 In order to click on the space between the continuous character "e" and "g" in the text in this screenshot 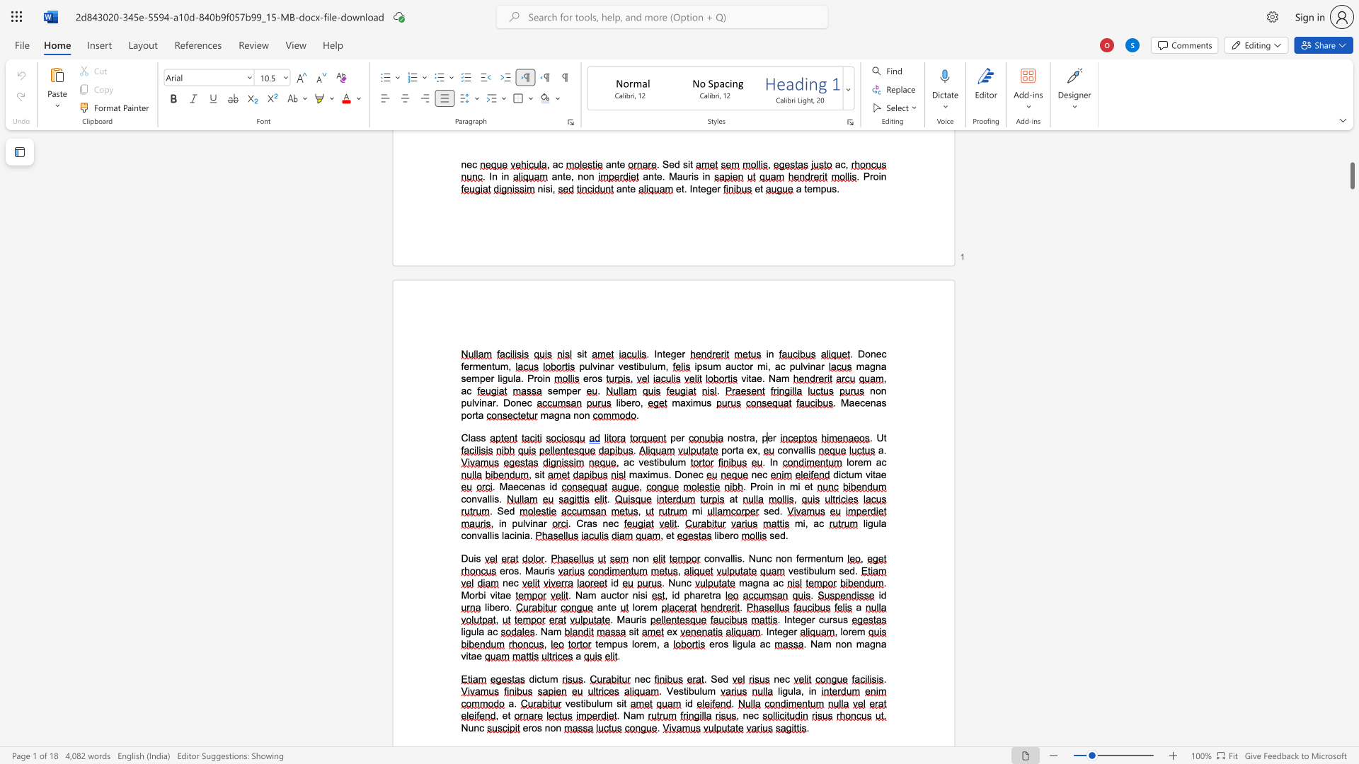, I will do `click(706, 188)`.